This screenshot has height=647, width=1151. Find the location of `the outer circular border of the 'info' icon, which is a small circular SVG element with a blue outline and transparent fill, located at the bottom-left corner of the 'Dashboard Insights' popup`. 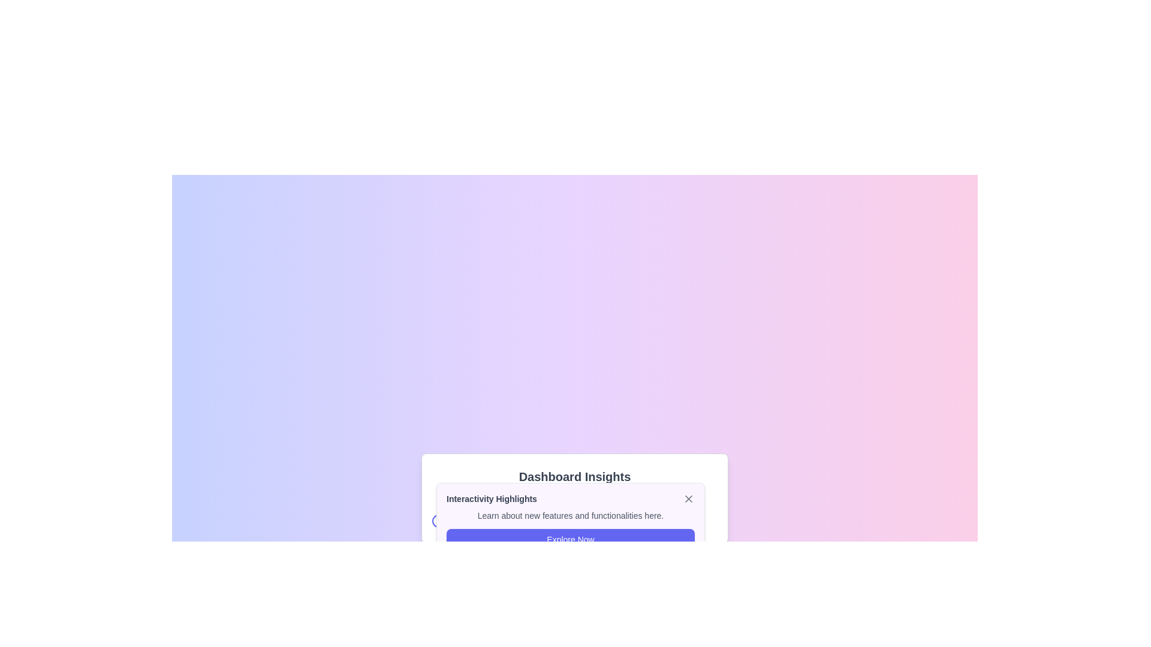

the outer circular border of the 'info' icon, which is a small circular SVG element with a blue outline and transparent fill, located at the bottom-left corner of the 'Dashboard Insights' popup is located at coordinates (438, 521).